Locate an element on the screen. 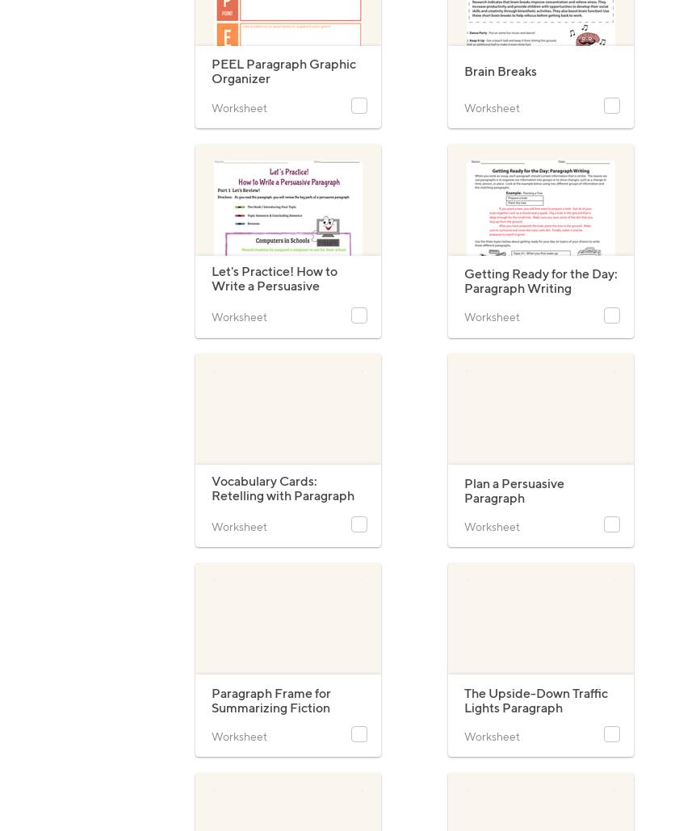  'Help students organize their ideas and structure their paragraph responses with this PEEL graphic organizer!' is located at coordinates (210, 115).